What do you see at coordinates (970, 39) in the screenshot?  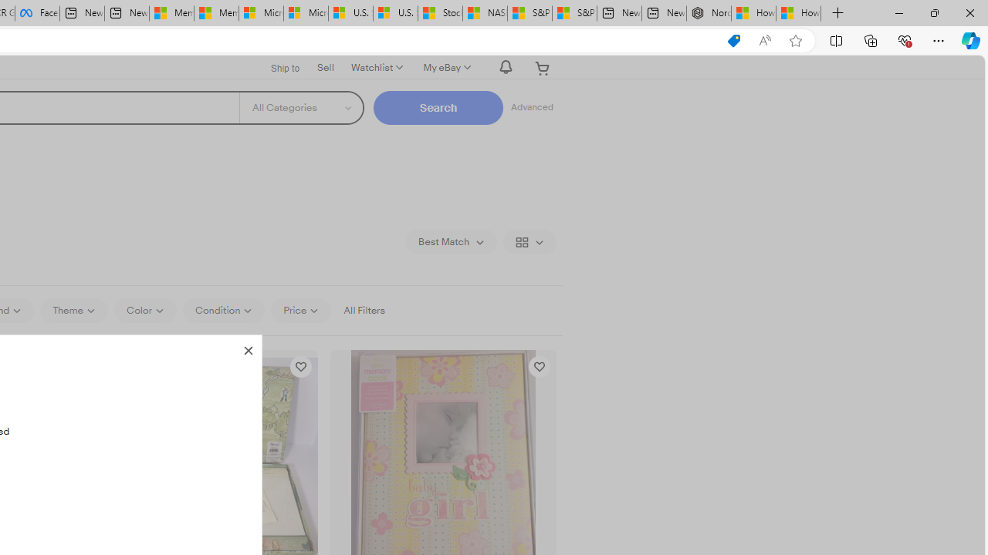 I see `'Copilot (Ctrl+Shift+.)'` at bounding box center [970, 39].